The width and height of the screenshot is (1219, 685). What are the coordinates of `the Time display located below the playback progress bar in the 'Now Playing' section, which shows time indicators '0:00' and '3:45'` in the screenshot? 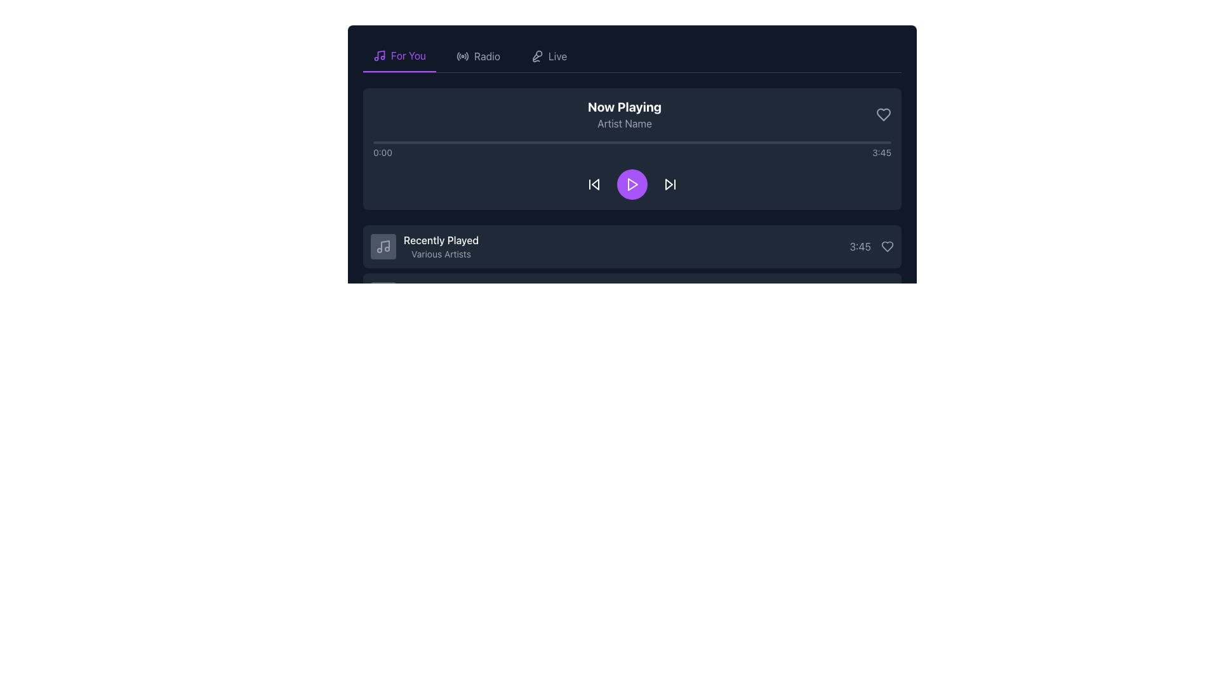 It's located at (632, 152).